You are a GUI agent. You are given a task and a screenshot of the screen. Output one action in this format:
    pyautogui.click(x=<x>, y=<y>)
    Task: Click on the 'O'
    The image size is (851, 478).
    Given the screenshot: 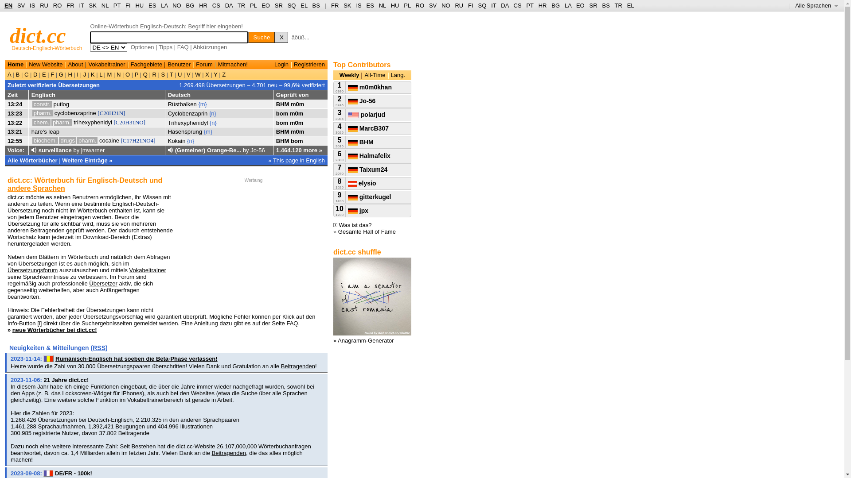 What is the action you would take?
    pyautogui.click(x=127, y=74)
    